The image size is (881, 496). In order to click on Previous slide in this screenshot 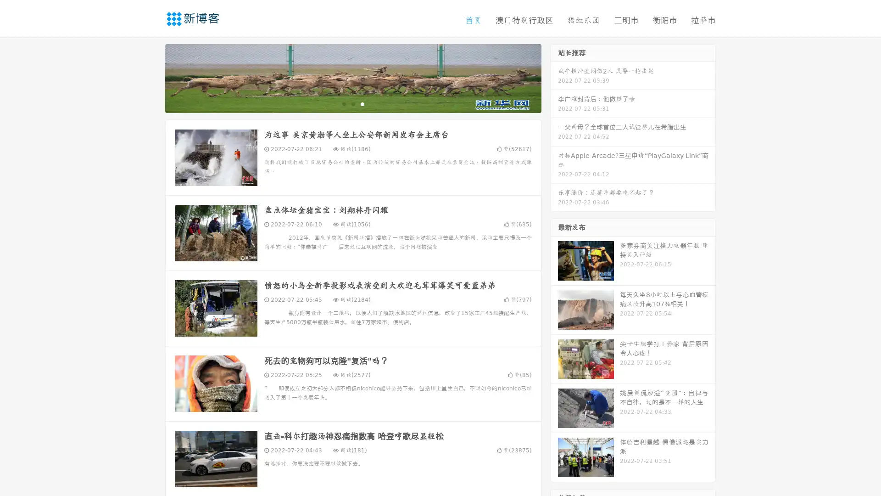, I will do `click(151, 77)`.